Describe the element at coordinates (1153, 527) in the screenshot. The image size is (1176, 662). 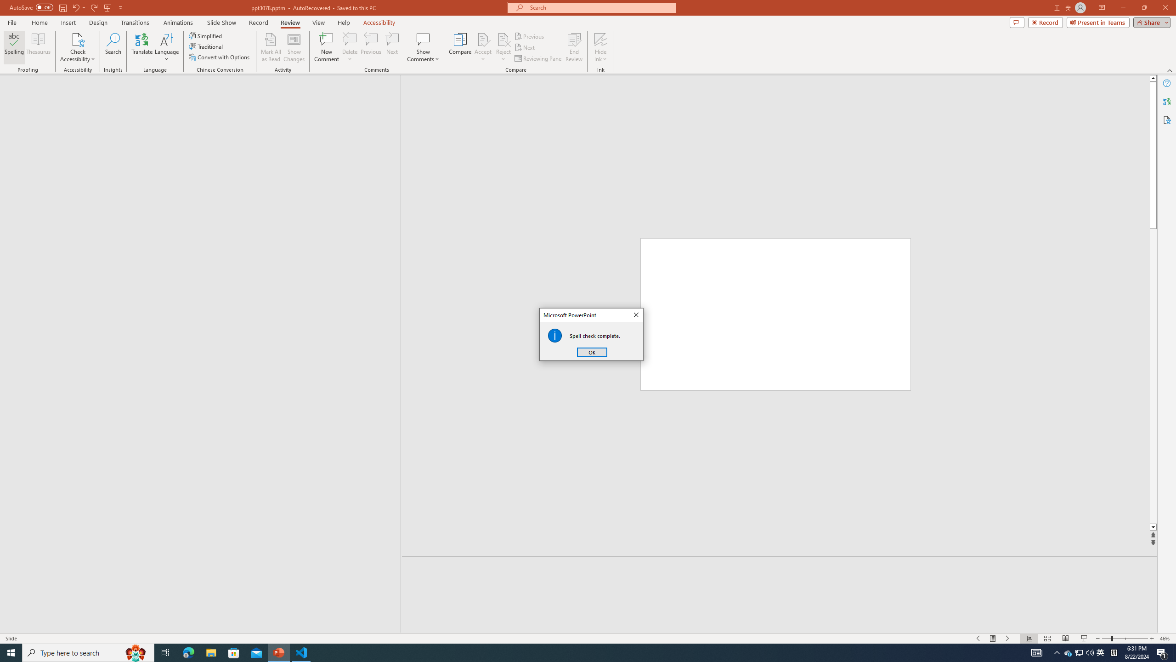
I see `'Line down'` at that location.